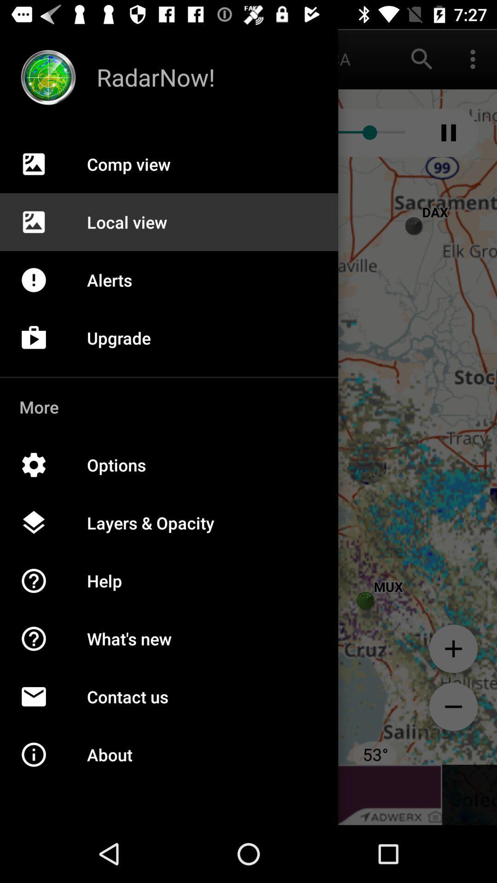 This screenshot has height=883, width=497. I want to click on the help icon, so click(43, 648).